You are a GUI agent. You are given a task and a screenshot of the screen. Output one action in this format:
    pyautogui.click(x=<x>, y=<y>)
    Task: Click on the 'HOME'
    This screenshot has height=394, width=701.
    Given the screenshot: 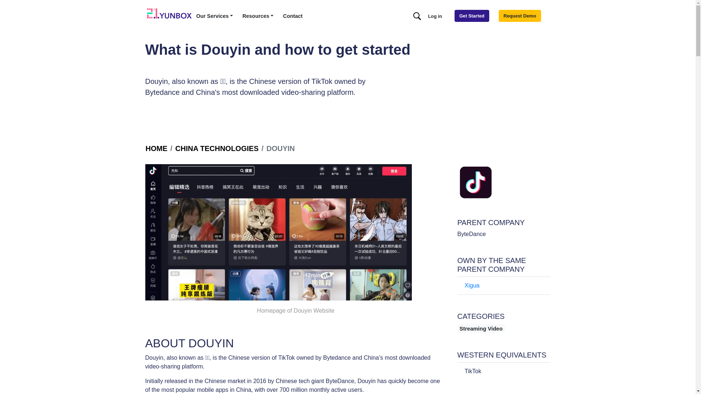 What is the action you would take?
    pyautogui.click(x=156, y=148)
    